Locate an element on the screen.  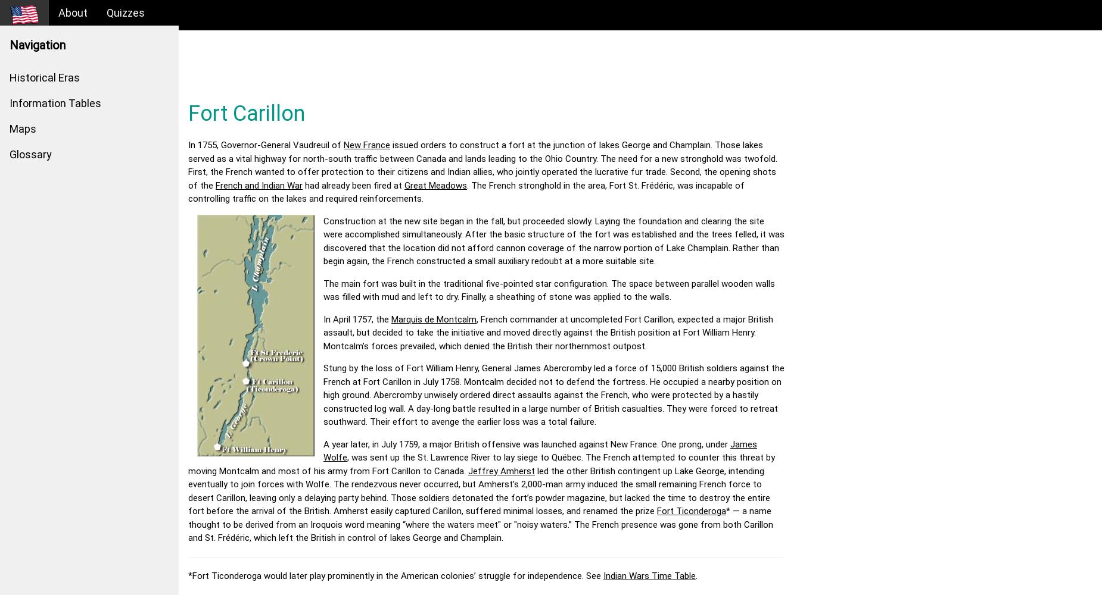
'*Fort Ticonderoga would later play prominently in the American colonies’ struggle for independence.  See' is located at coordinates (396, 575).